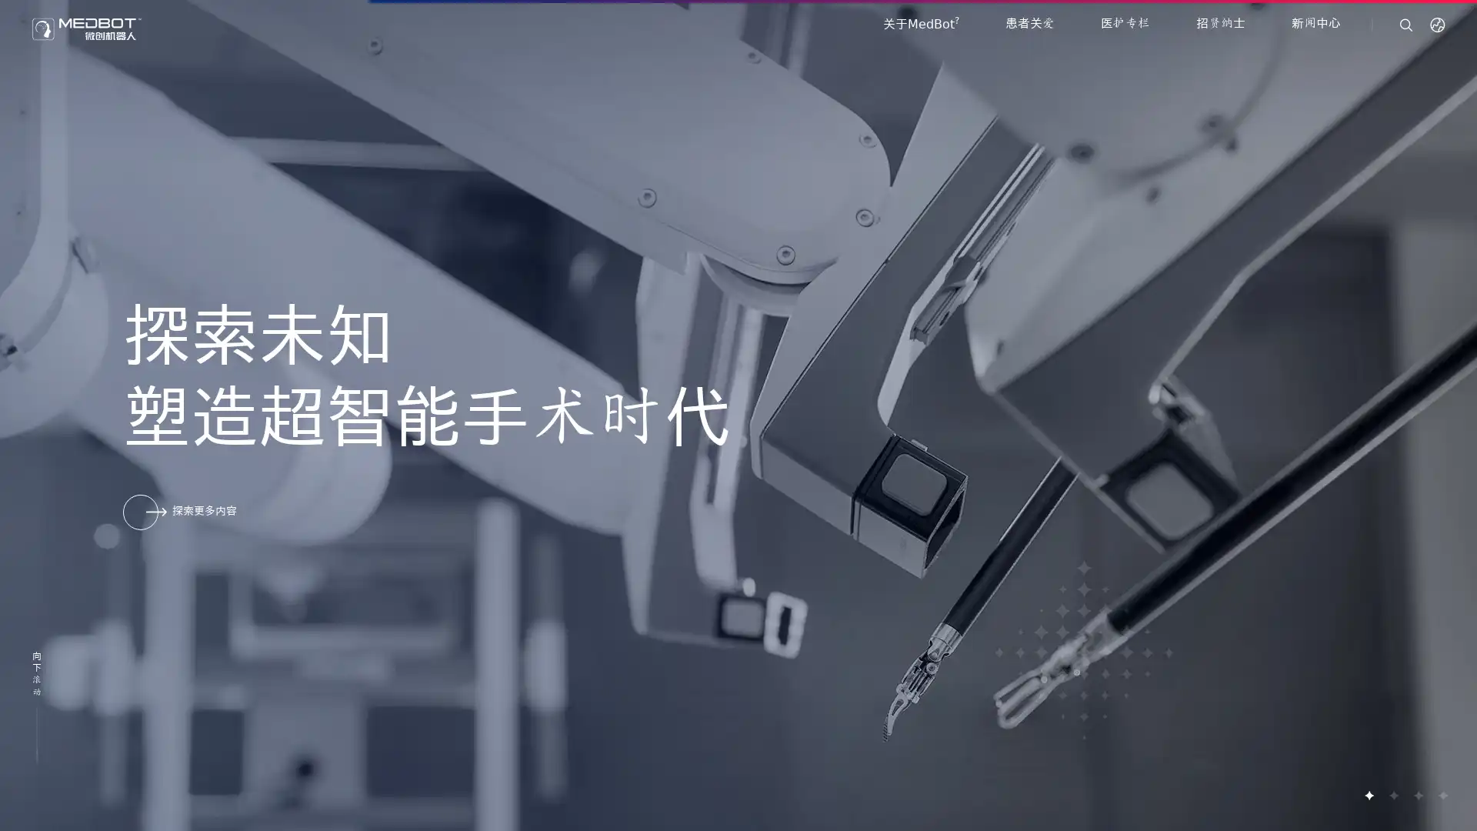  I want to click on Go to slide 3, so click(1417, 795).